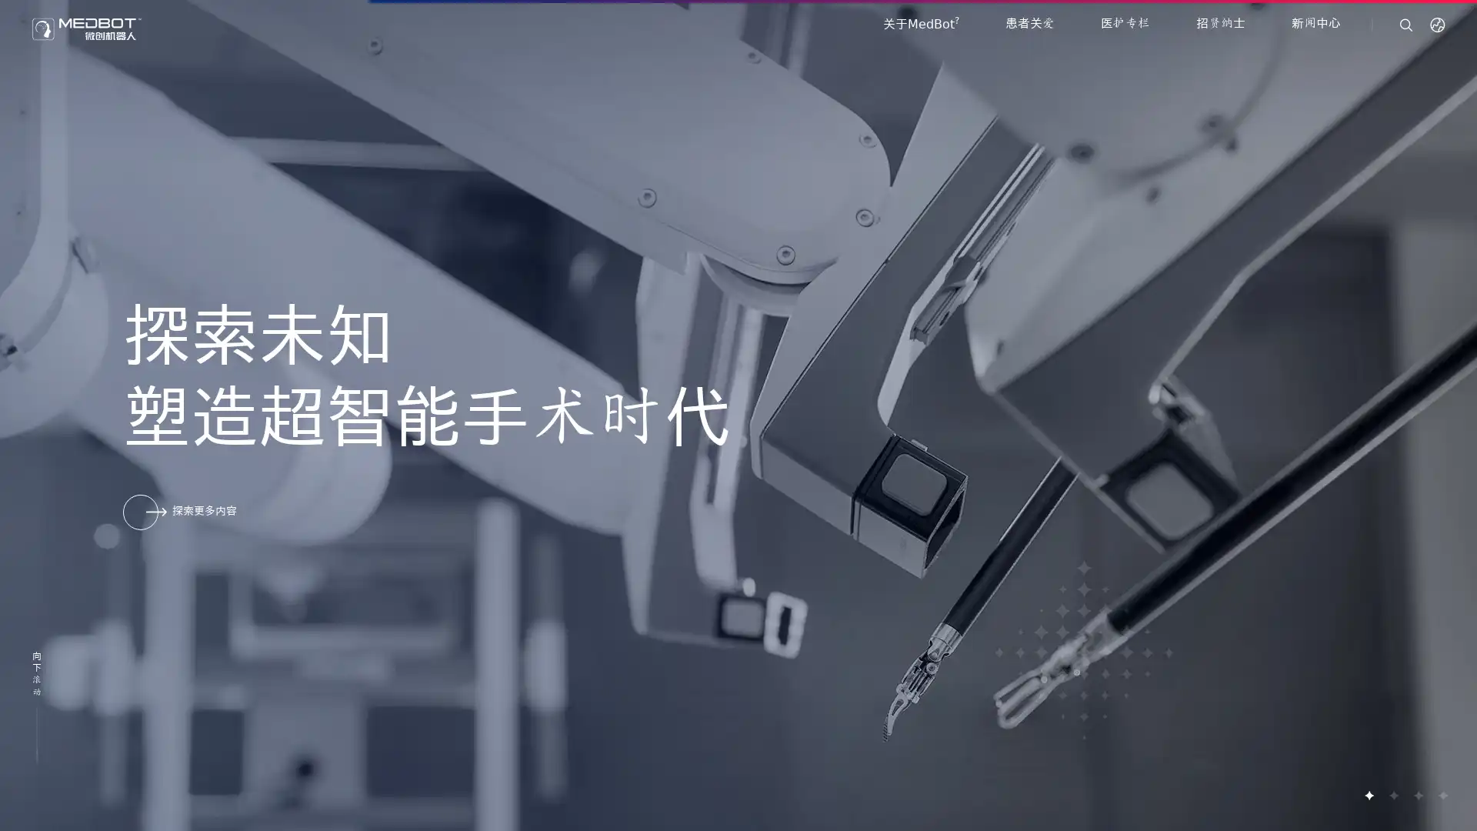  I want to click on Go to slide 3, so click(1417, 795).